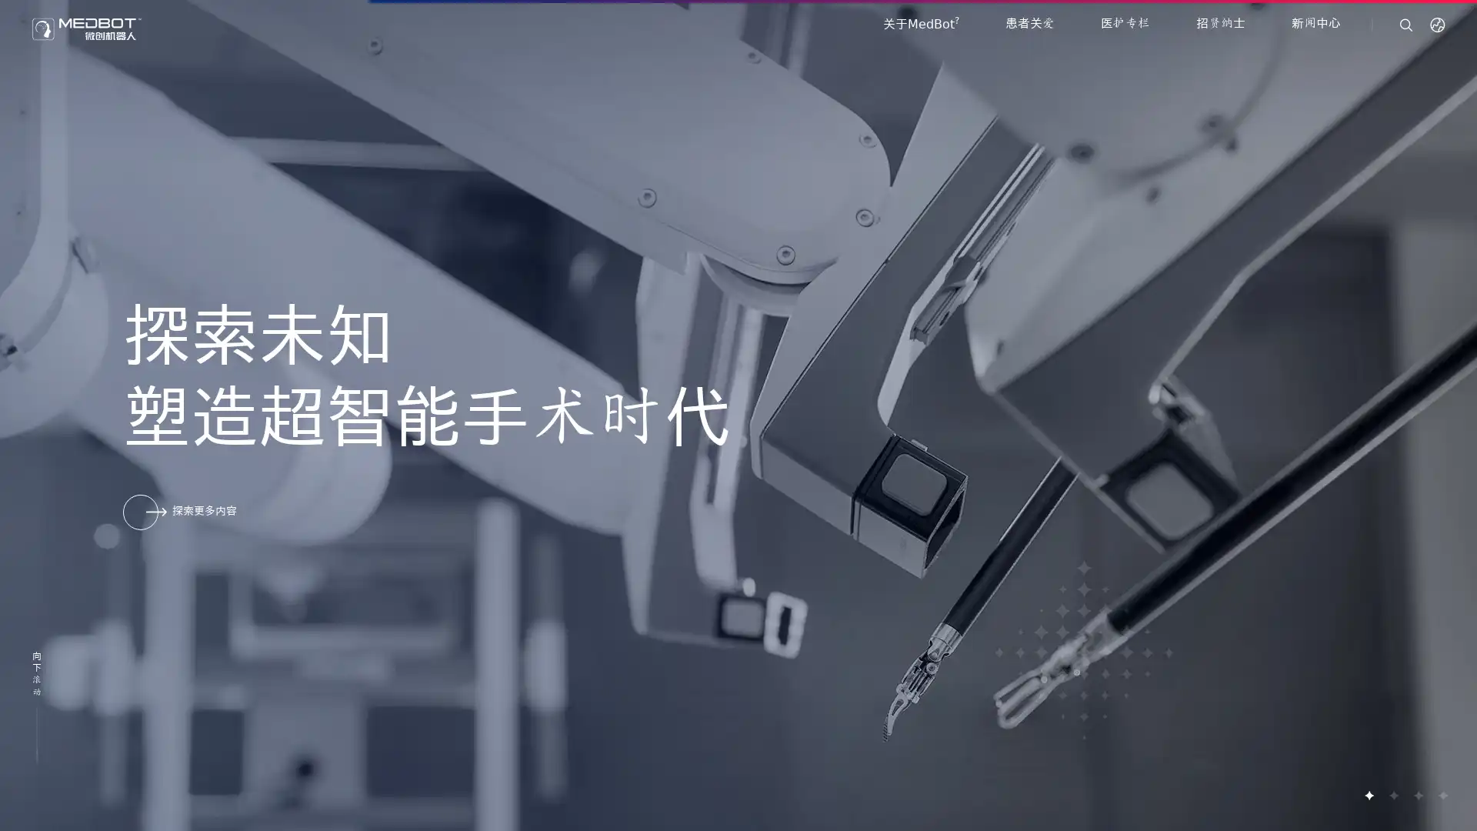  I want to click on Go to slide 3, so click(1417, 795).